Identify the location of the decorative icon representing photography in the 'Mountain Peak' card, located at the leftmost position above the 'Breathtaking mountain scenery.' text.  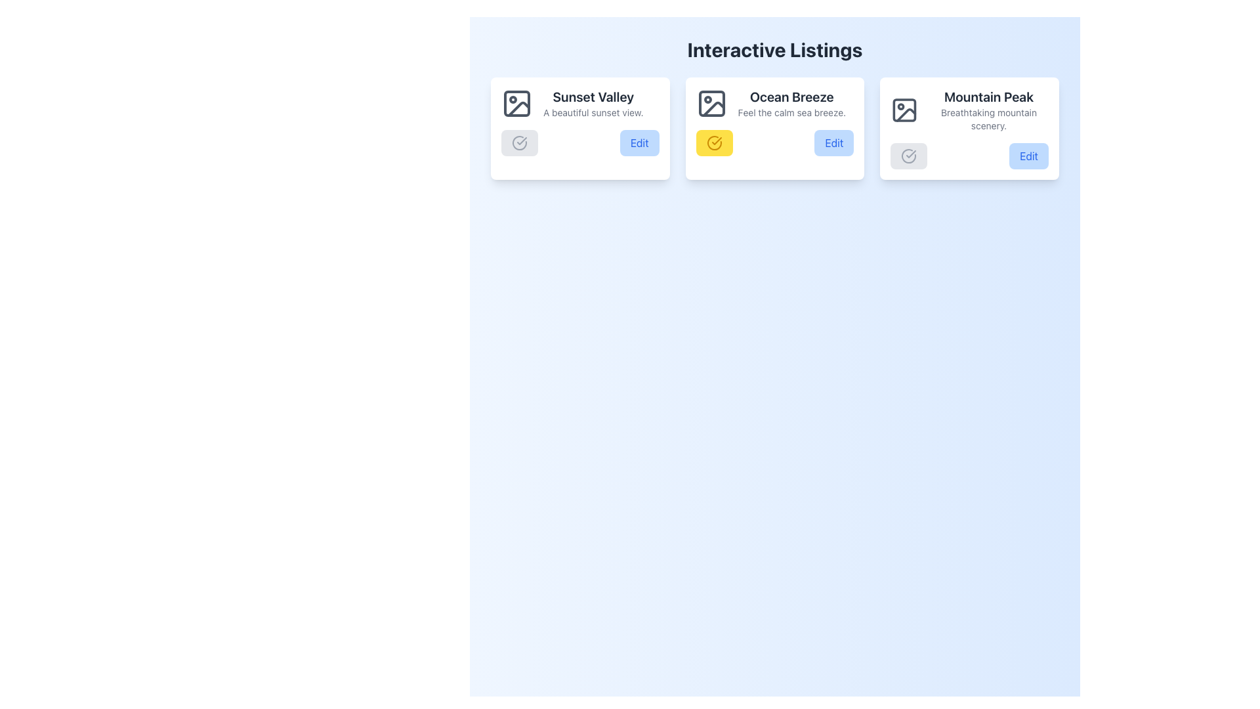
(904, 110).